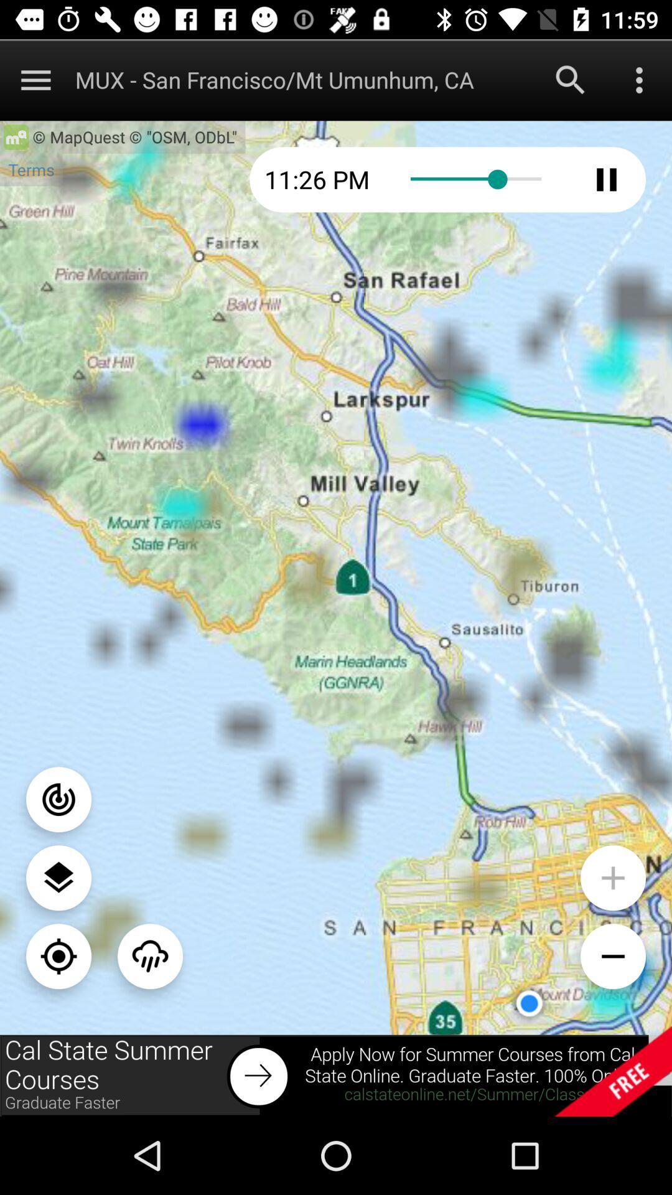  Describe the element at coordinates (571, 79) in the screenshot. I see `search option` at that location.